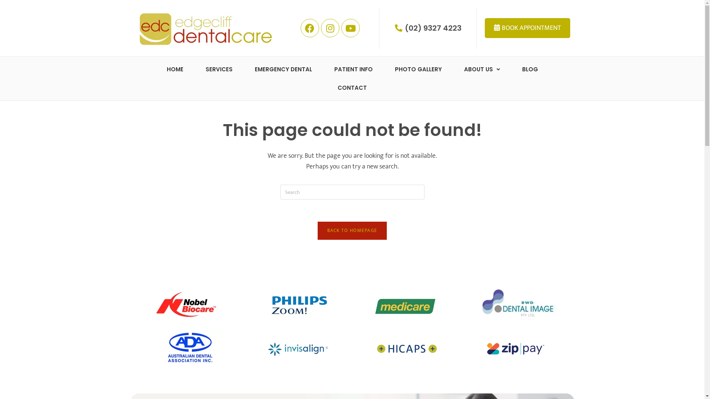  I want to click on 'BACK TO HOMEPAGE', so click(318, 230).